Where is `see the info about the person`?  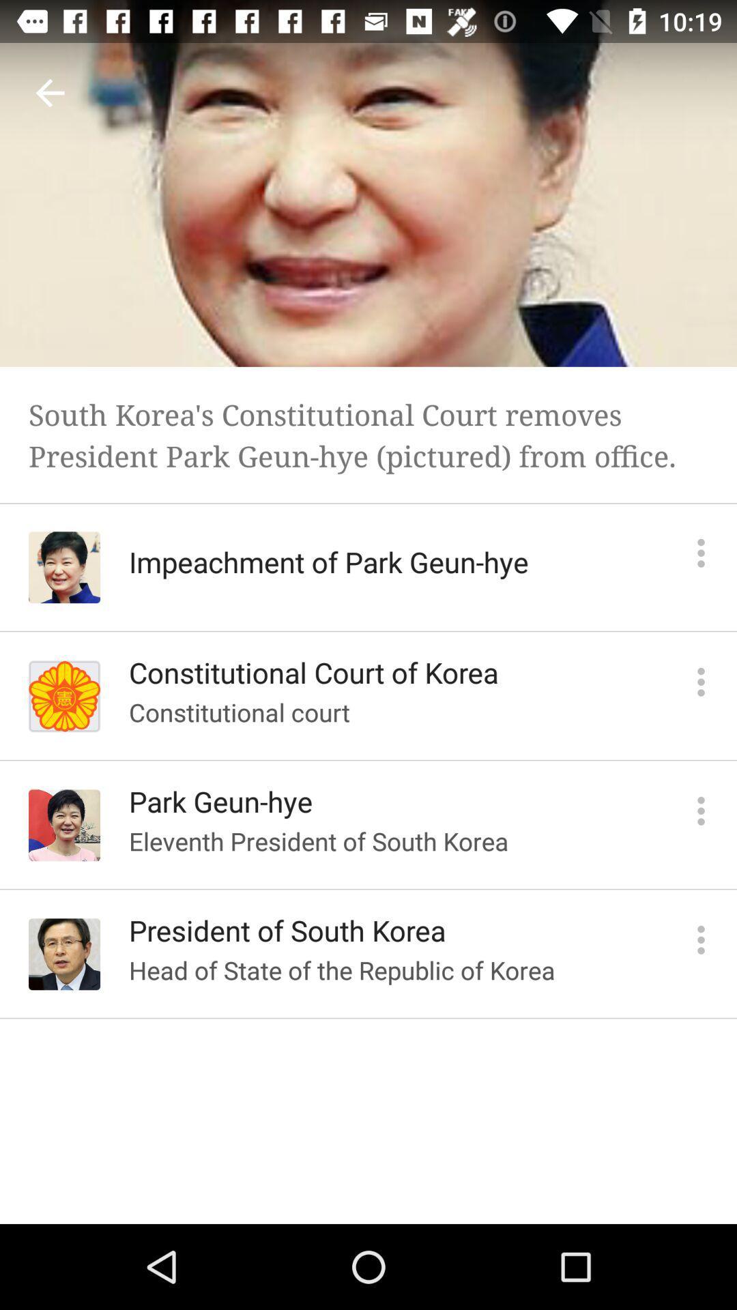
see the info about the person is located at coordinates (701, 553).